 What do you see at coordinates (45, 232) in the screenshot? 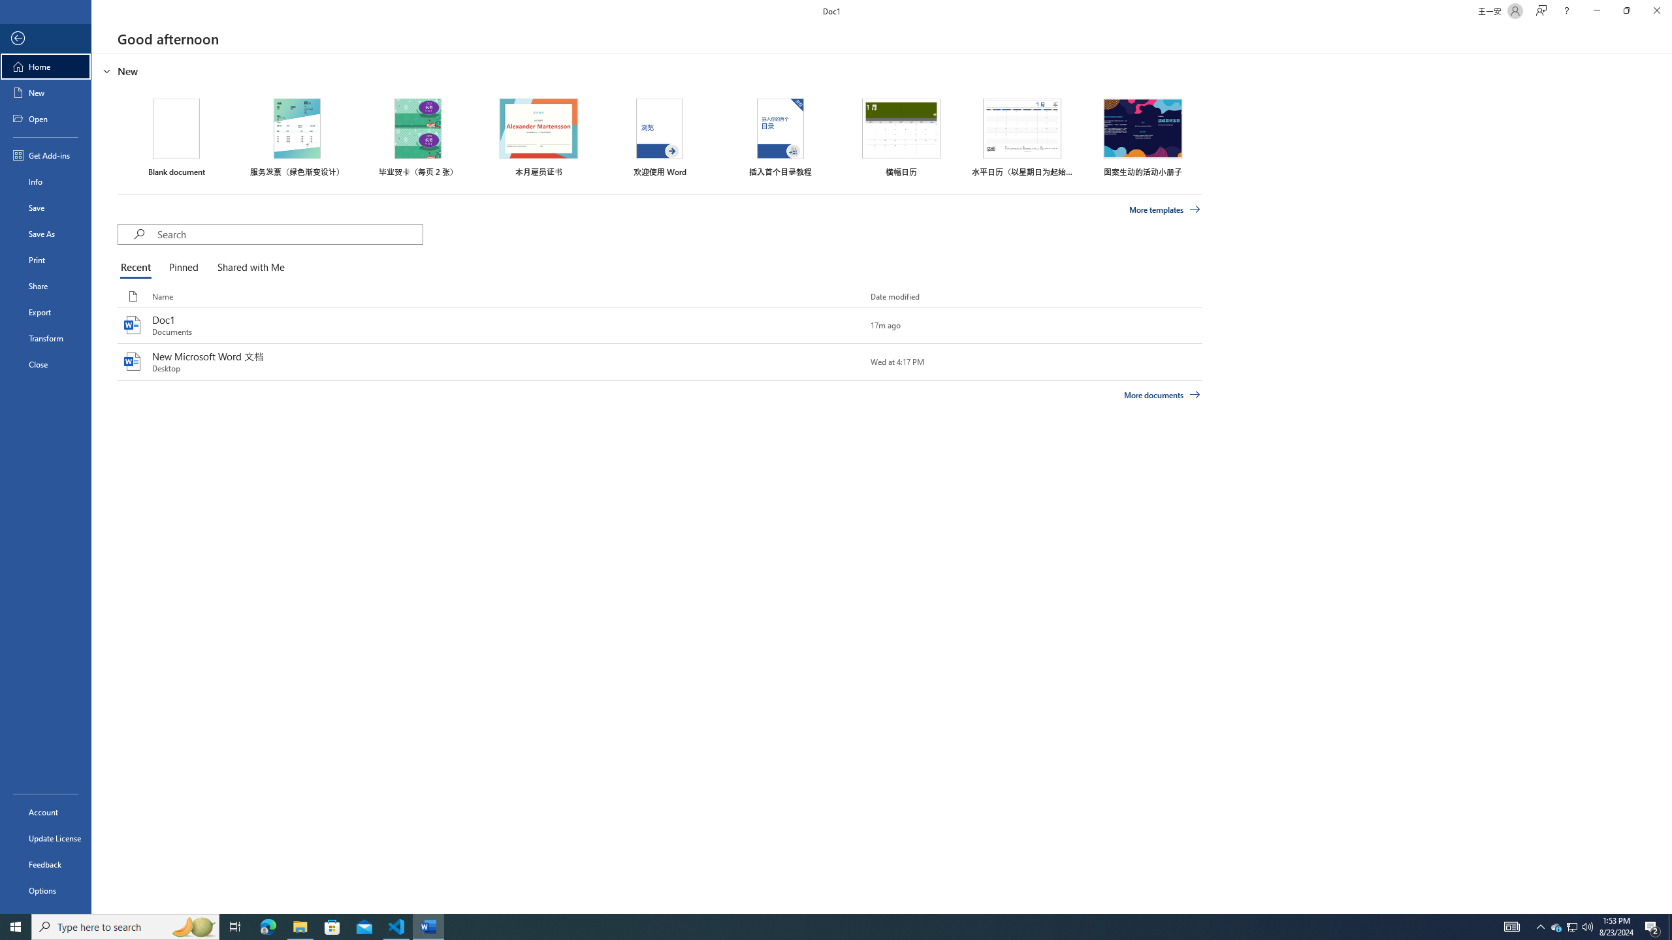
I see `'Save As'` at bounding box center [45, 232].